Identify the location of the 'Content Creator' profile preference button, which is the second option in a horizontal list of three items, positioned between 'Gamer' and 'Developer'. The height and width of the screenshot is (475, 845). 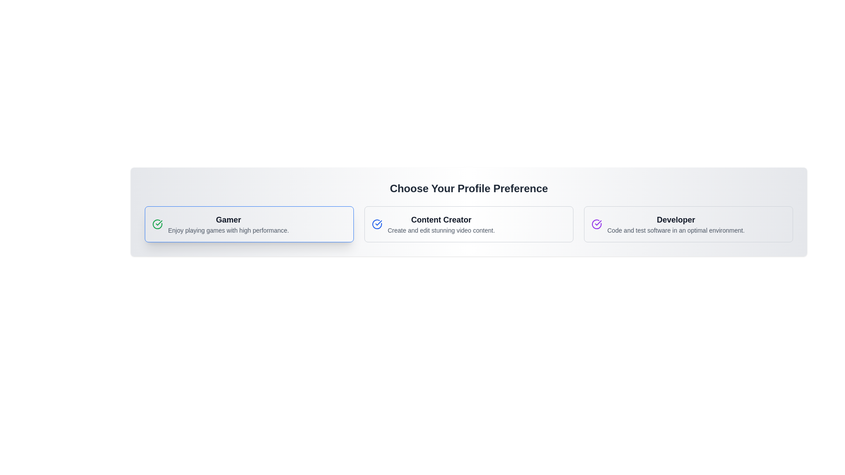
(468, 223).